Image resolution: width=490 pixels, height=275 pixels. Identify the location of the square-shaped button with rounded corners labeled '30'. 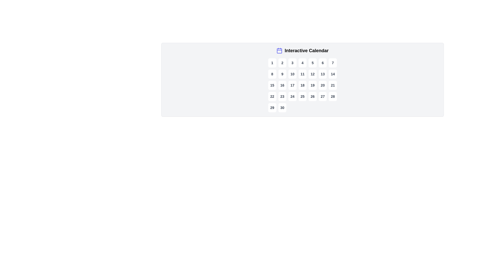
(282, 107).